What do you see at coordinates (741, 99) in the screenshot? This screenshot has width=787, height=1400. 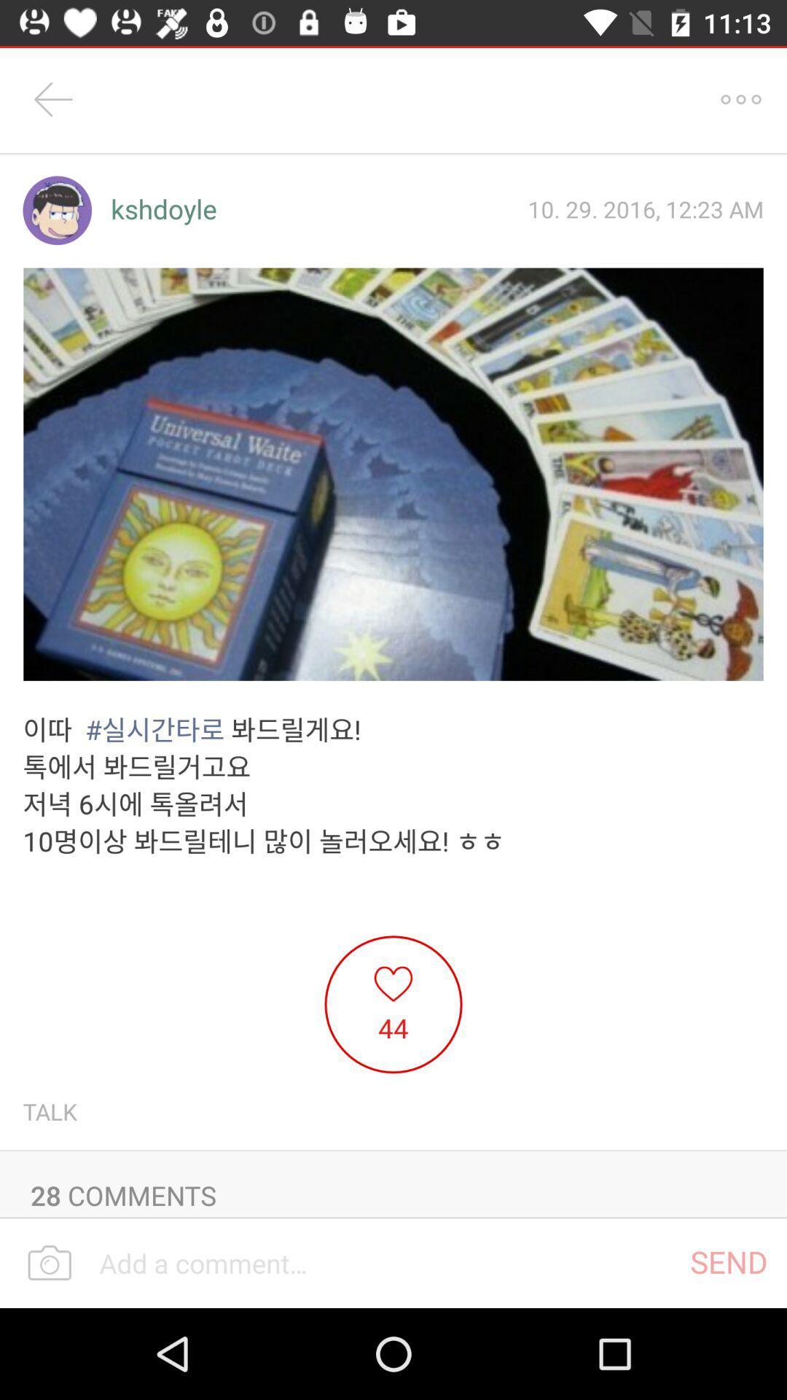 I see `the icon on the top right corner` at bounding box center [741, 99].